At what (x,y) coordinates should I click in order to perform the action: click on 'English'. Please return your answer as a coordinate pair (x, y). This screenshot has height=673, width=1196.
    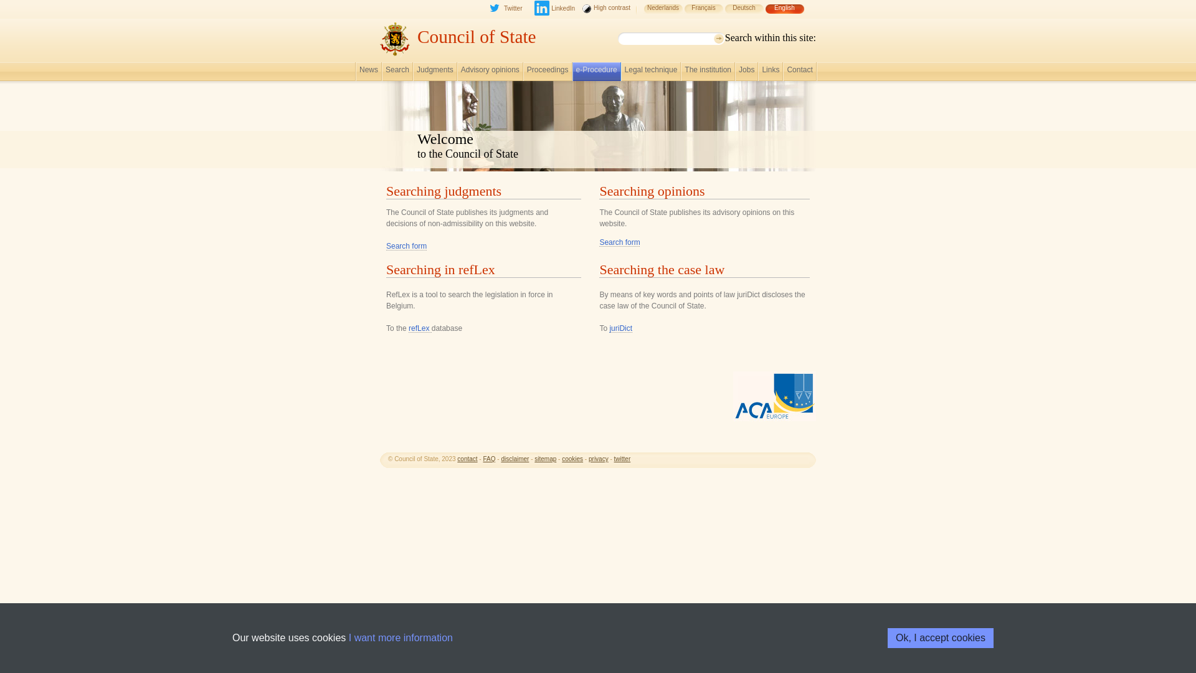
    Looking at the image, I should click on (784, 14).